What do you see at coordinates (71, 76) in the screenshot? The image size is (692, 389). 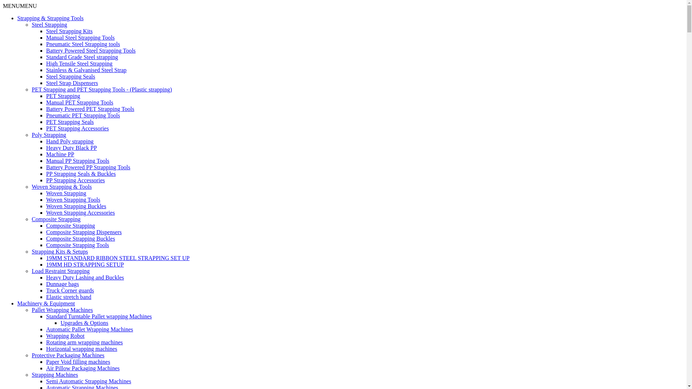 I see `'Steel Strapping Seals'` at bounding box center [71, 76].